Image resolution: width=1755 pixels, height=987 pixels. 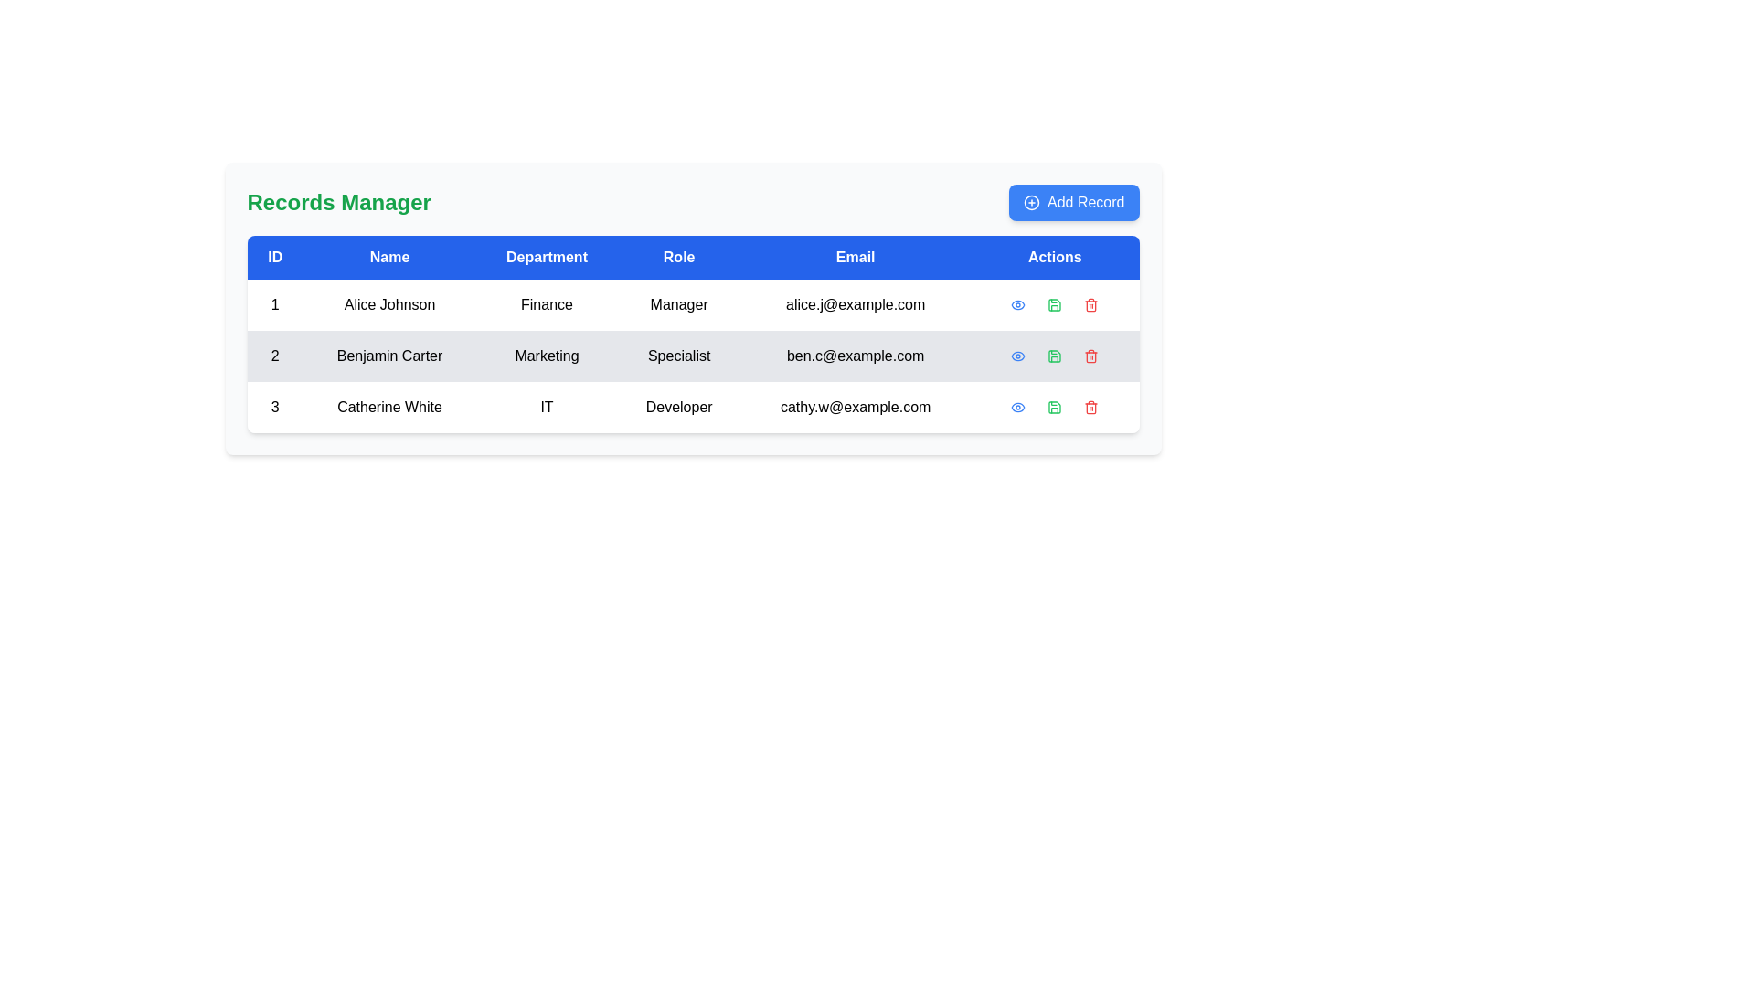 What do you see at coordinates (1017, 304) in the screenshot?
I see `the icon located in the 'Actions' column of the second row` at bounding box center [1017, 304].